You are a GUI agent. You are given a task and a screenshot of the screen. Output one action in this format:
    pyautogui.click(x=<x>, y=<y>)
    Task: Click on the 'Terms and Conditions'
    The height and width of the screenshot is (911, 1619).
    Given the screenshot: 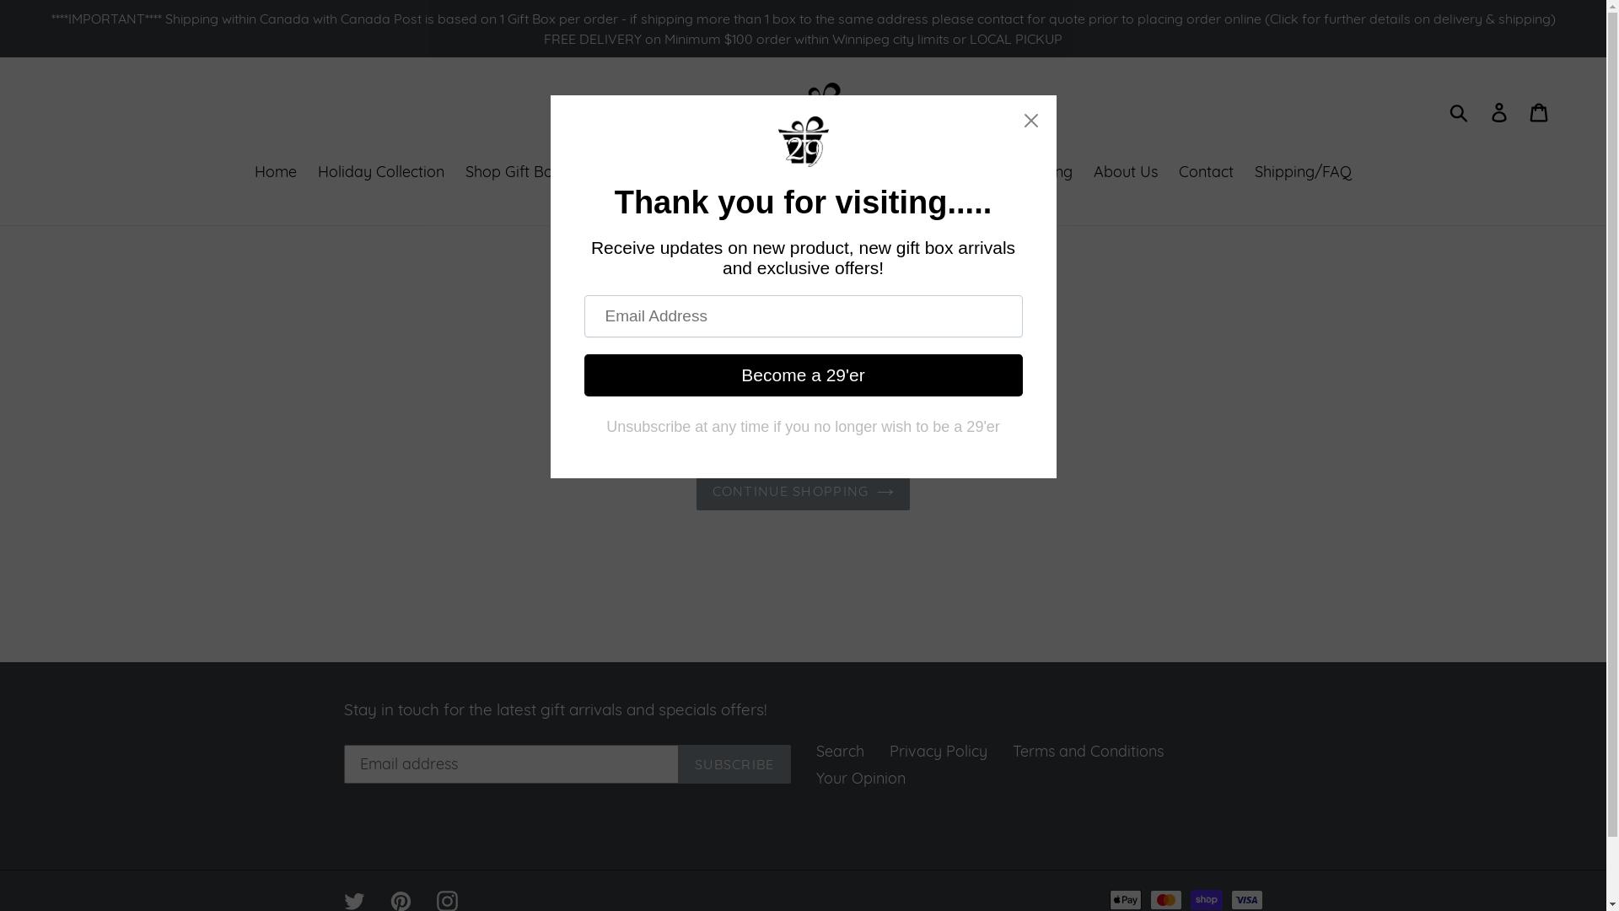 What is the action you would take?
    pyautogui.click(x=1087, y=750)
    